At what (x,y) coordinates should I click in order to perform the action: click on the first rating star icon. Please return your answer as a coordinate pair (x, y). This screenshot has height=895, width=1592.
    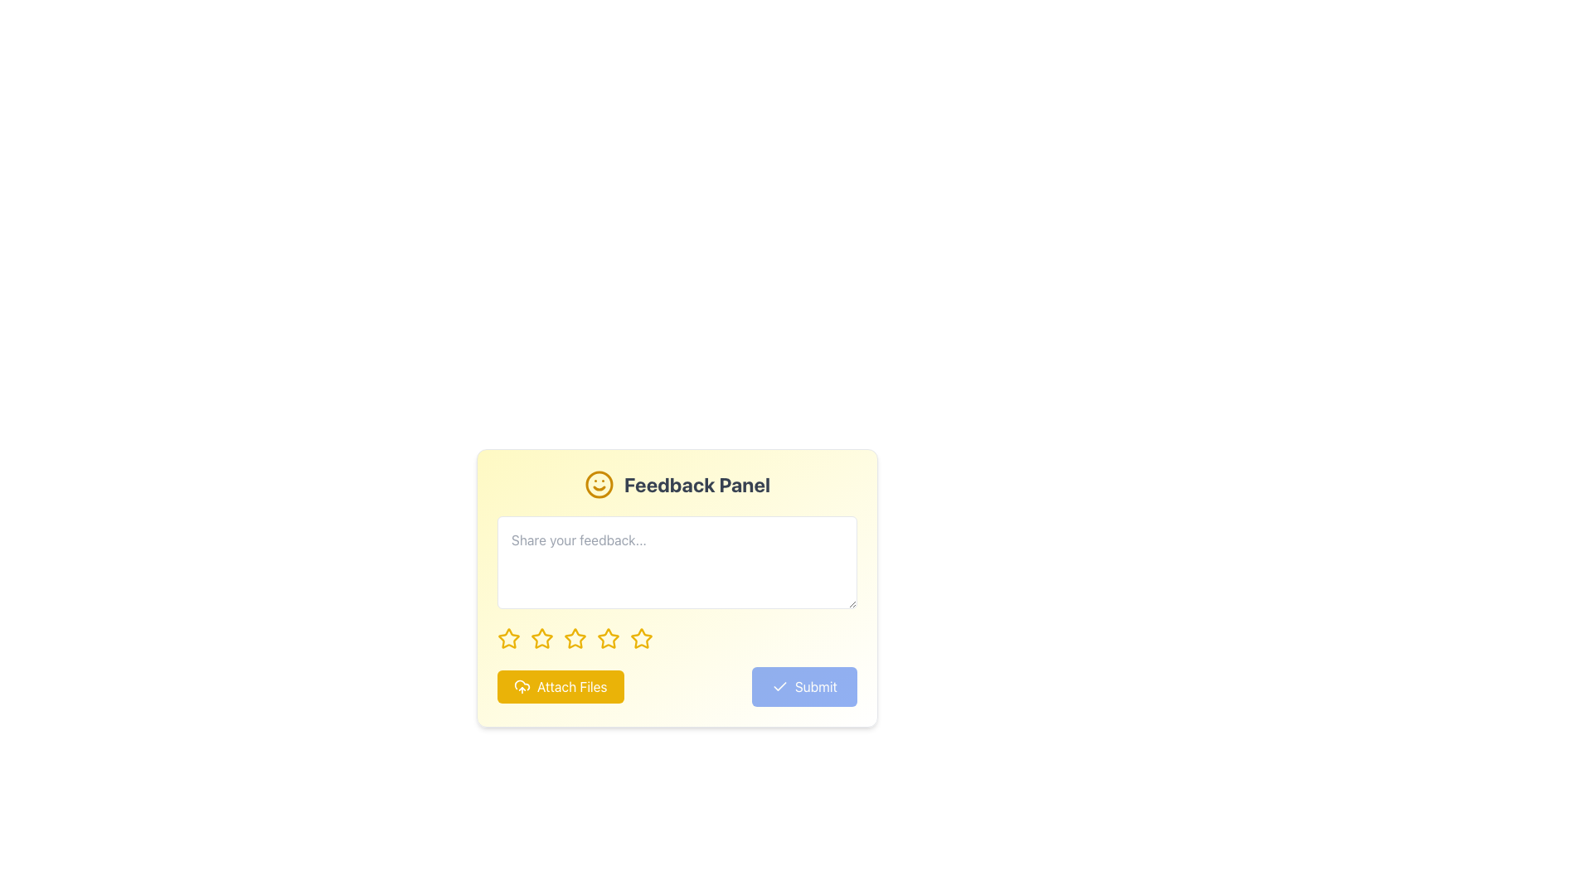
    Looking at the image, I should click on (508, 637).